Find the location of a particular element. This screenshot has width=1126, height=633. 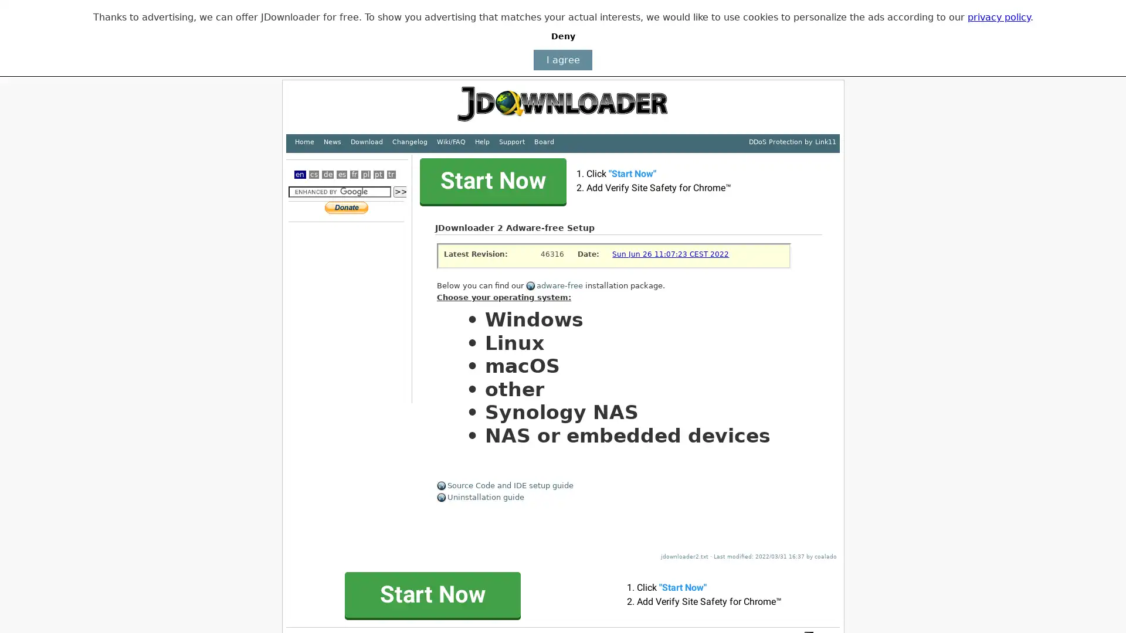

>> is located at coordinates (400, 191).